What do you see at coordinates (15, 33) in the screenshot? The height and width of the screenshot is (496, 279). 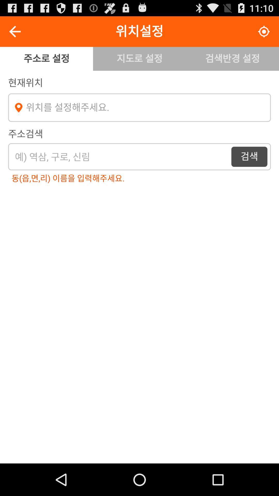 I see `the arrow_backward icon` at bounding box center [15, 33].